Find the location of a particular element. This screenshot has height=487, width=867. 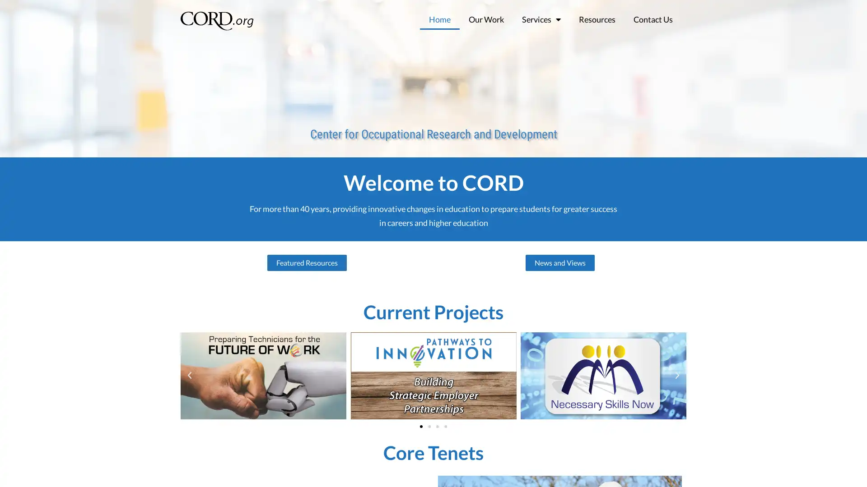

Go to slide 3 is located at coordinates (438, 426).